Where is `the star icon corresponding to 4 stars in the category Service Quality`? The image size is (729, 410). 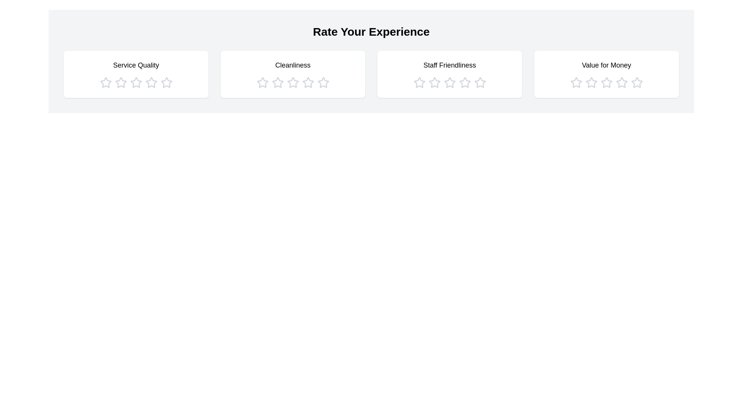 the star icon corresponding to 4 stars in the category Service Quality is located at coordinates (151, 83).